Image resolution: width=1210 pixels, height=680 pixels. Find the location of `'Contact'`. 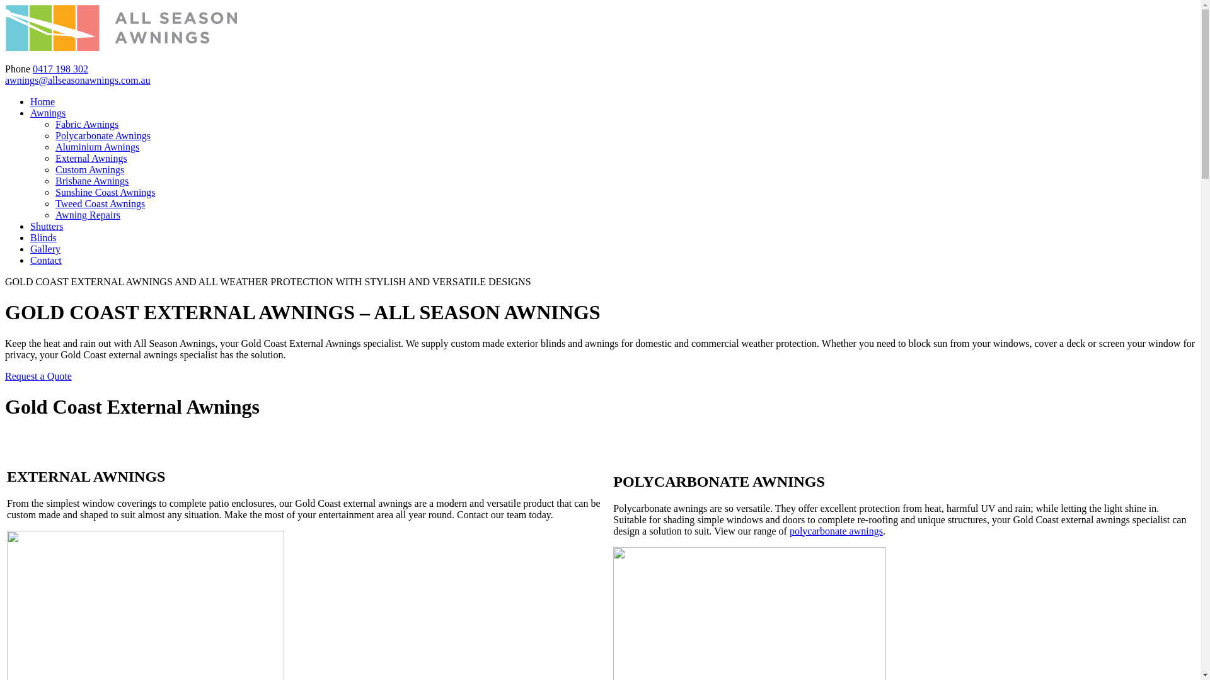

'Contact' is located at coordinates (45, 259).